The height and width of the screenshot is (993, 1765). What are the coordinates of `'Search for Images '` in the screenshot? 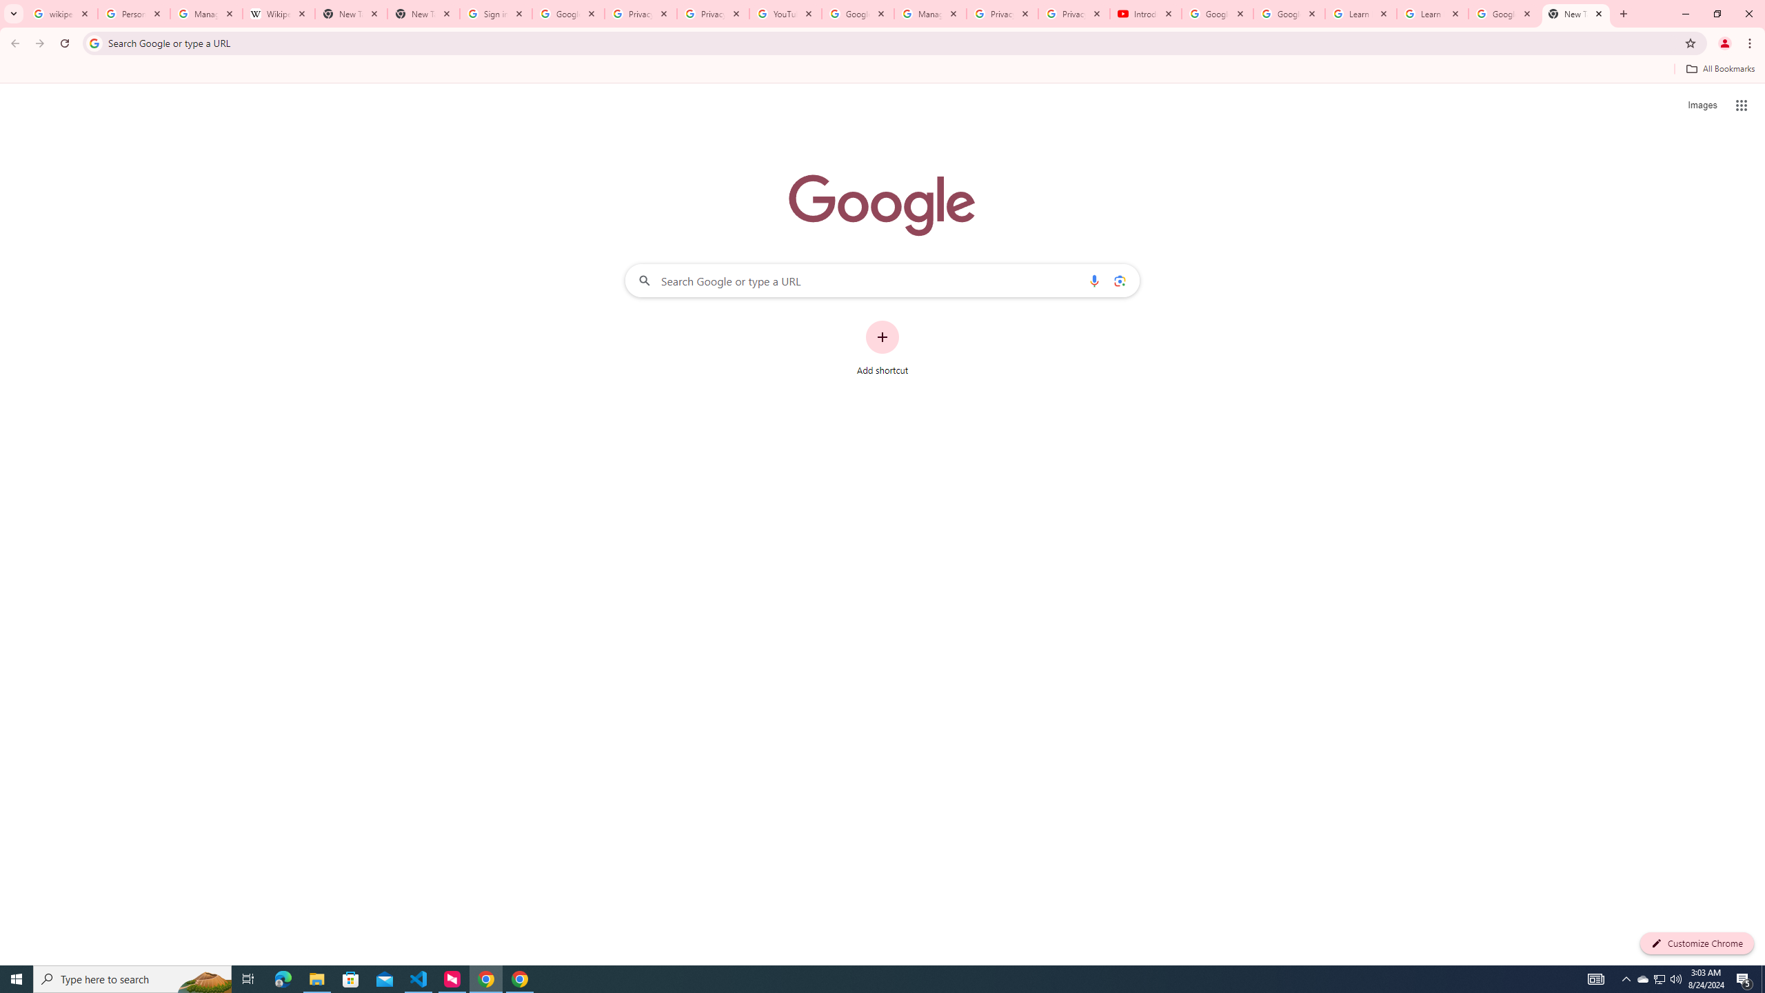 It's located at (1702, 106).